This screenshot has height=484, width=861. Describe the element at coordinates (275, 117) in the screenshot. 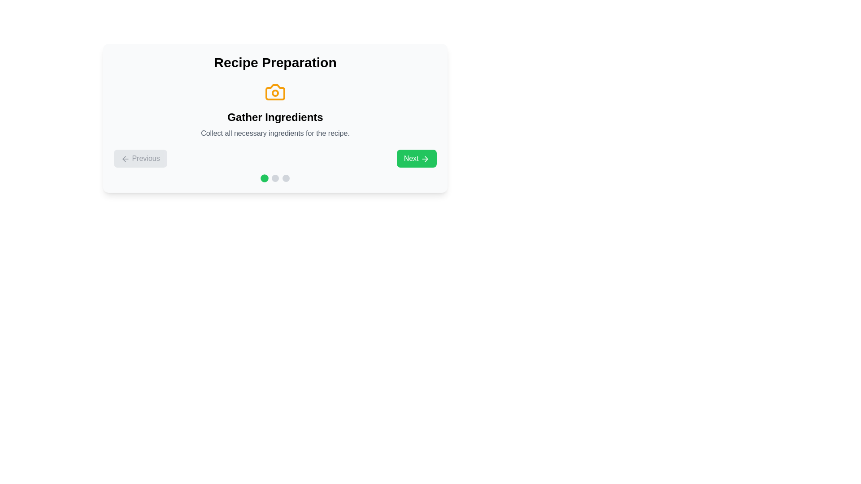

I see `the text label displaying 'Gather Ingredients' which is centrally aligned and located below a camera icon` at that location.